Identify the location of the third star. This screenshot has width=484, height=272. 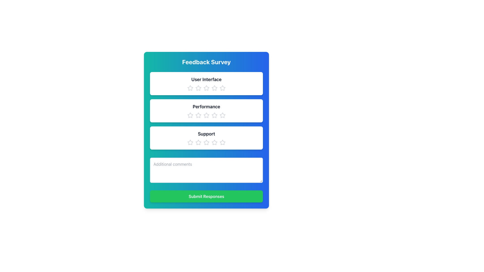
(222, 142).